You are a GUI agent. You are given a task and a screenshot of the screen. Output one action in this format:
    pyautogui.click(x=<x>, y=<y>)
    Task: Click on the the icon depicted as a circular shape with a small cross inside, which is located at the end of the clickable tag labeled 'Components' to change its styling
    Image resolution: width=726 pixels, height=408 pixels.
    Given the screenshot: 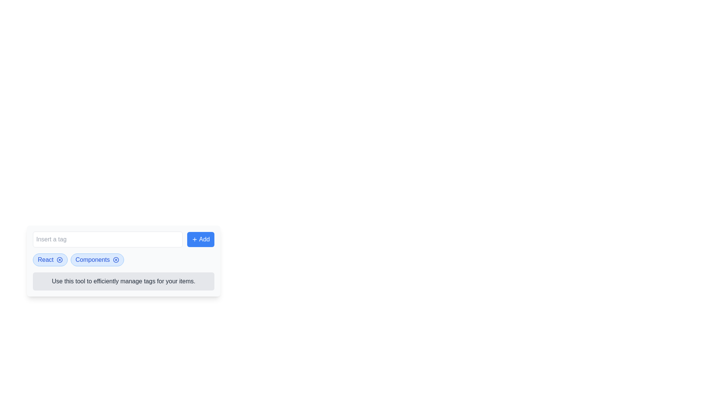 What is the action you would take?
    pyautogui.click(x=115, y=259)
    